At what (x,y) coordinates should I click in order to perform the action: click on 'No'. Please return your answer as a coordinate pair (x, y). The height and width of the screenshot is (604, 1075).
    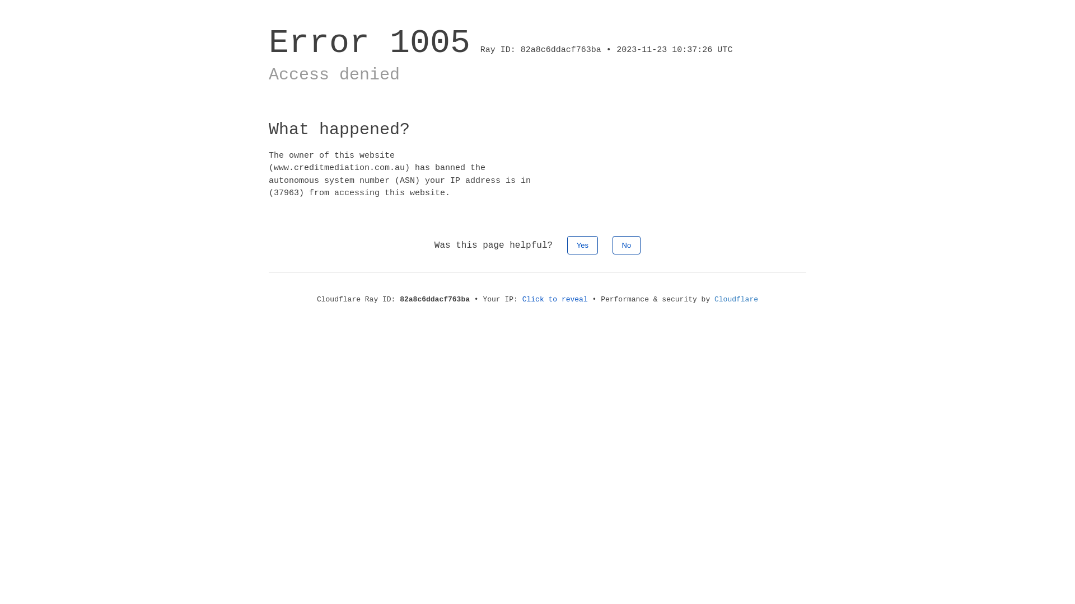
    Looking at the image, I should click on (626, 244).